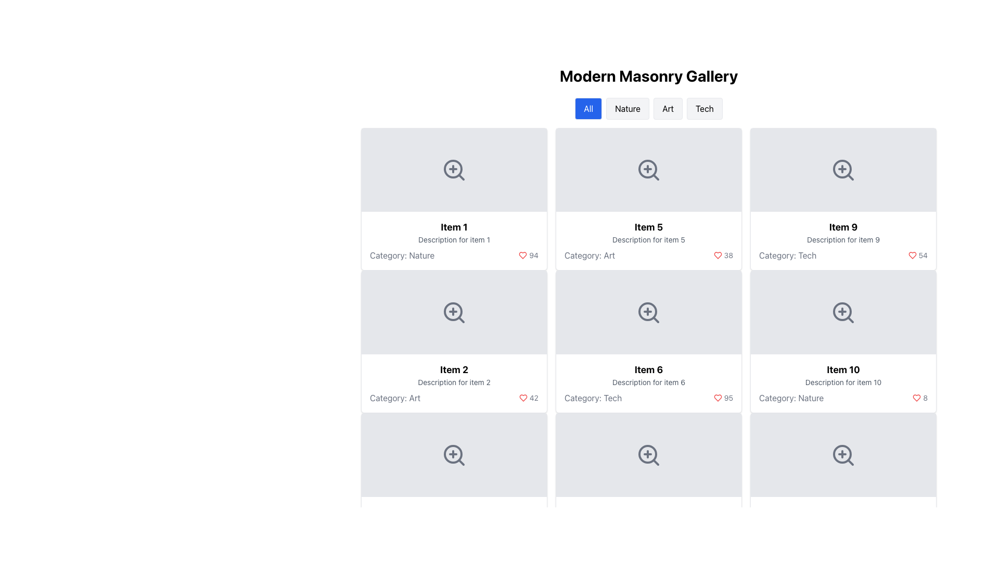 The width and height of the screenshot is (999, 562). What do you see at coordinates (454, 170) in the screenshot?
I see `the zoom-in icon located in the top-left square card of the 'Modern Masonry Gallery'` at bounding box center [454, 170].